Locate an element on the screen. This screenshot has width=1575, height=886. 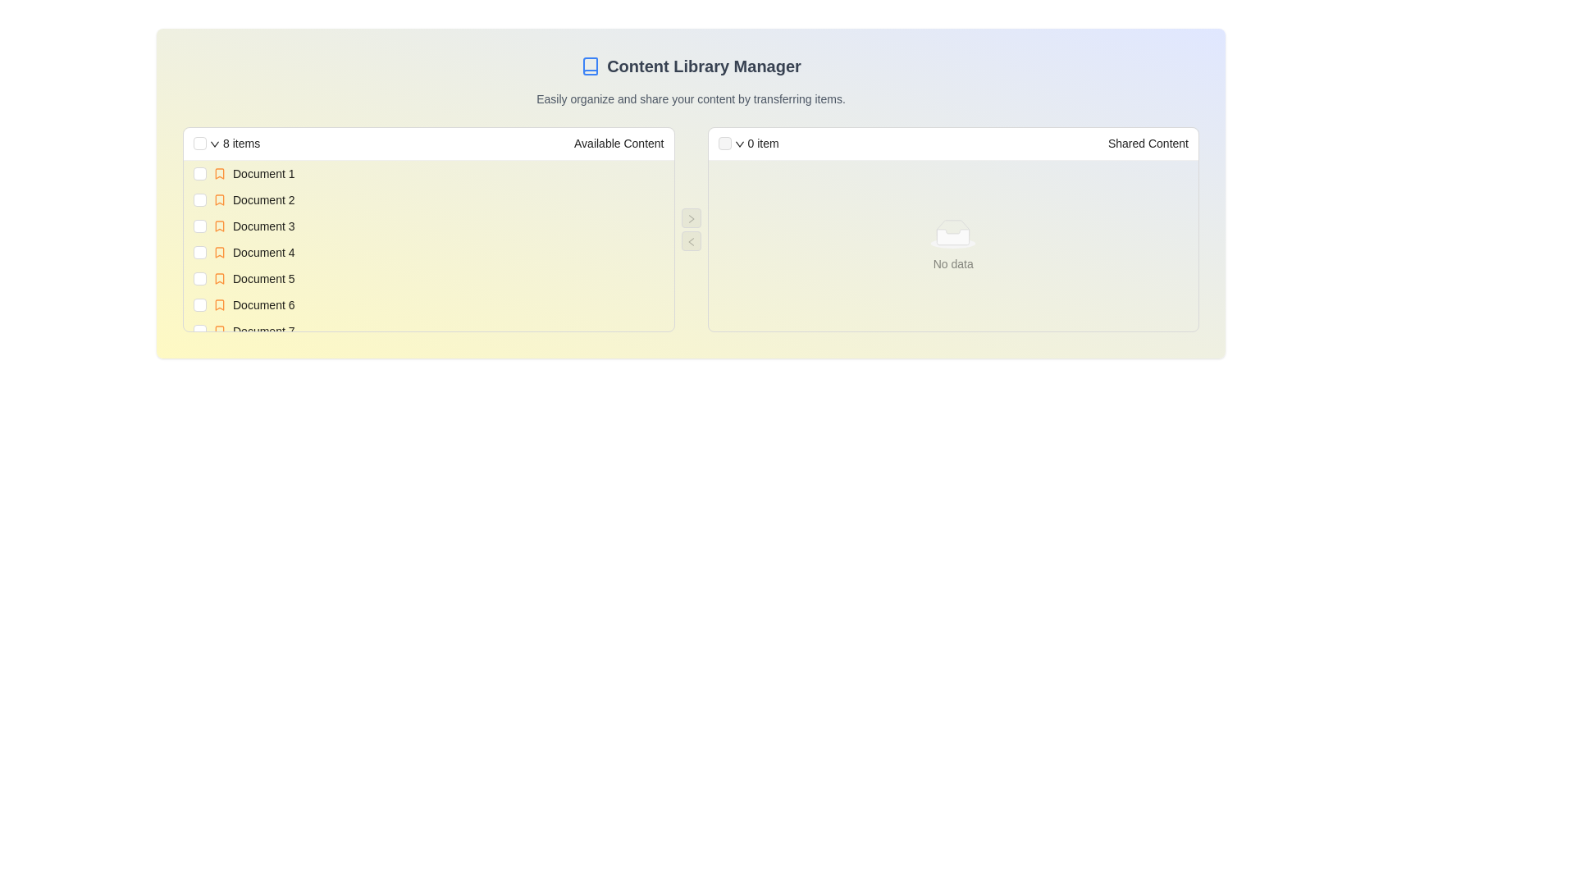
the selectable list item 'Document 3' in the 'Available Content' section is located at coordinates (438, 226).